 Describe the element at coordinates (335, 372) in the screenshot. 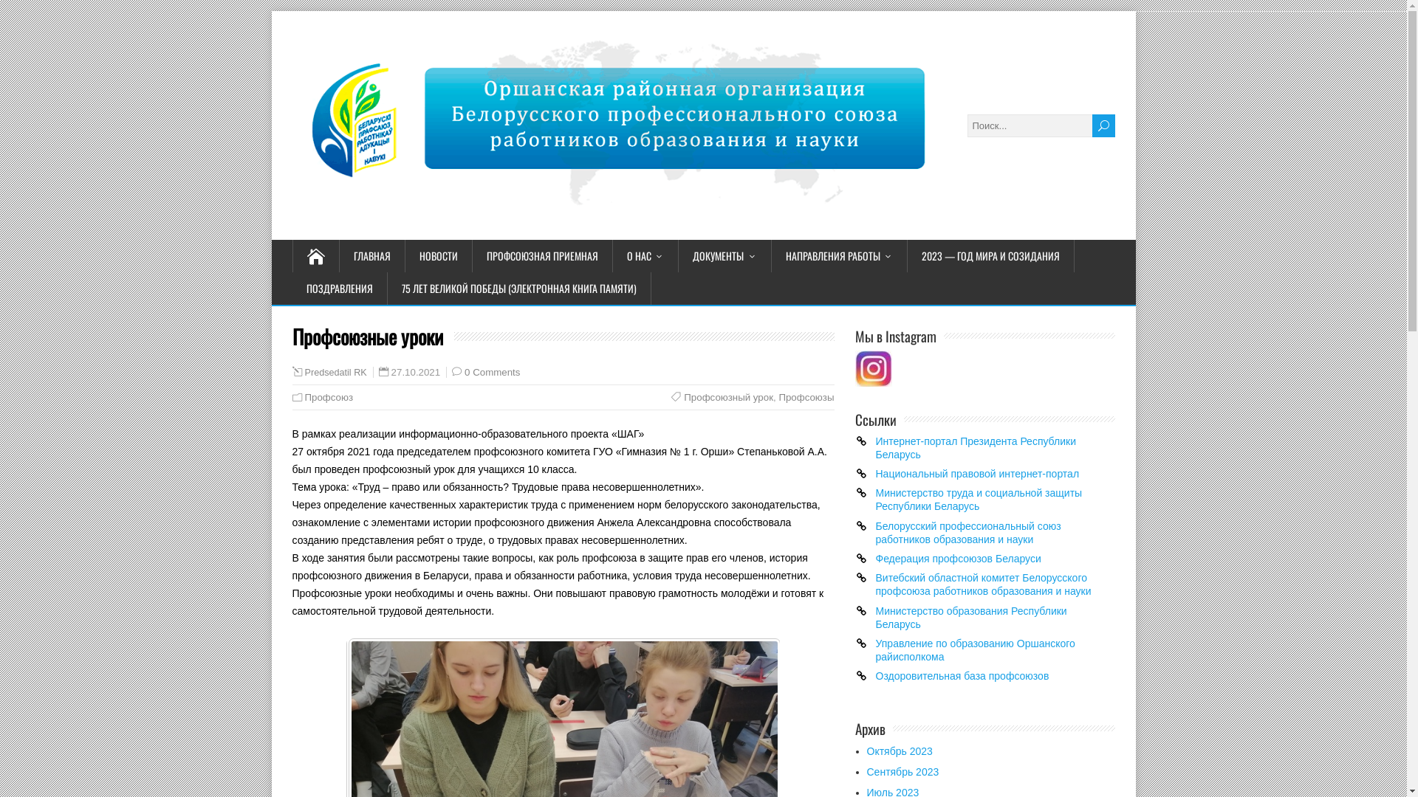

I see `'Predsedatil RK'` at that location.